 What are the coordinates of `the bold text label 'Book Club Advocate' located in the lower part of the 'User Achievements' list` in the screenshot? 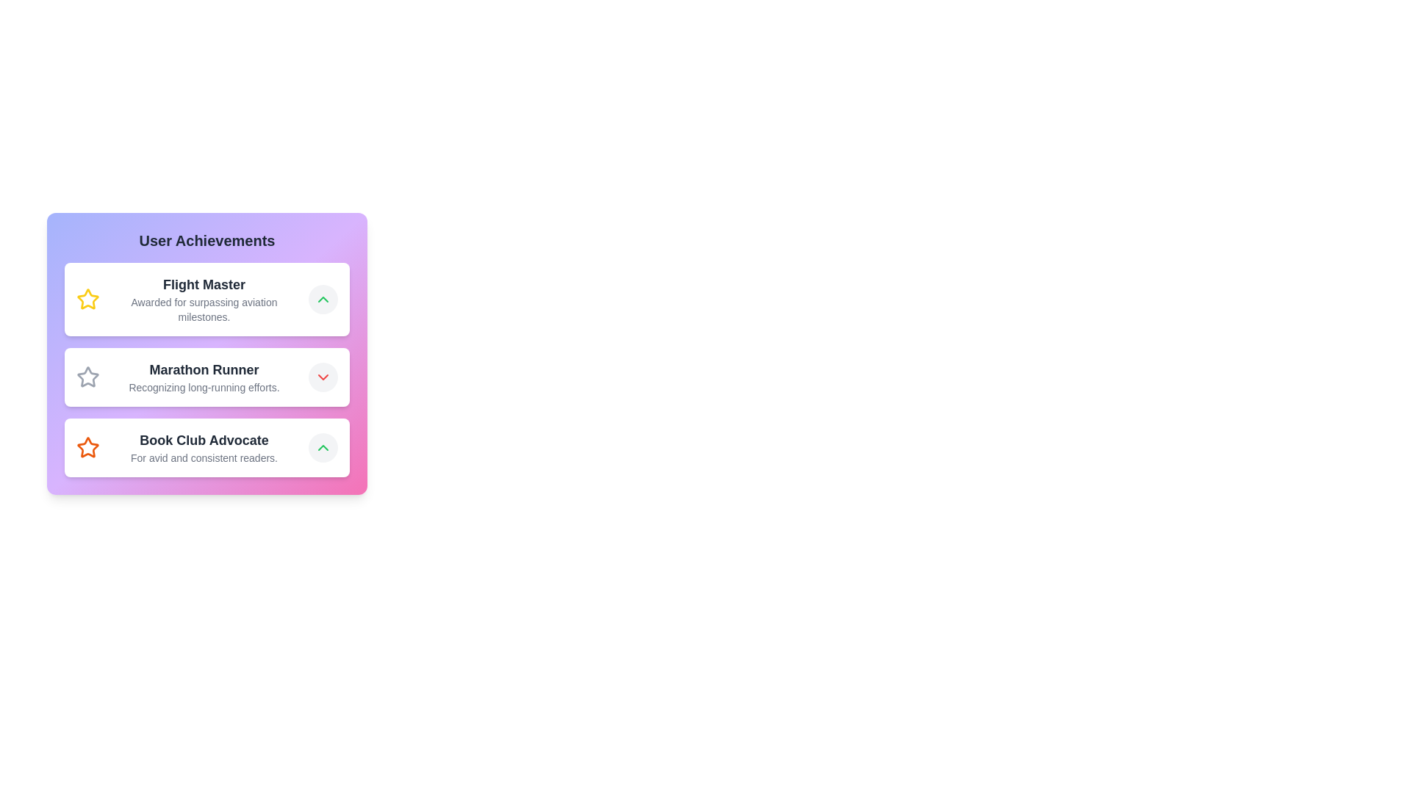 It's located at (204, 440).